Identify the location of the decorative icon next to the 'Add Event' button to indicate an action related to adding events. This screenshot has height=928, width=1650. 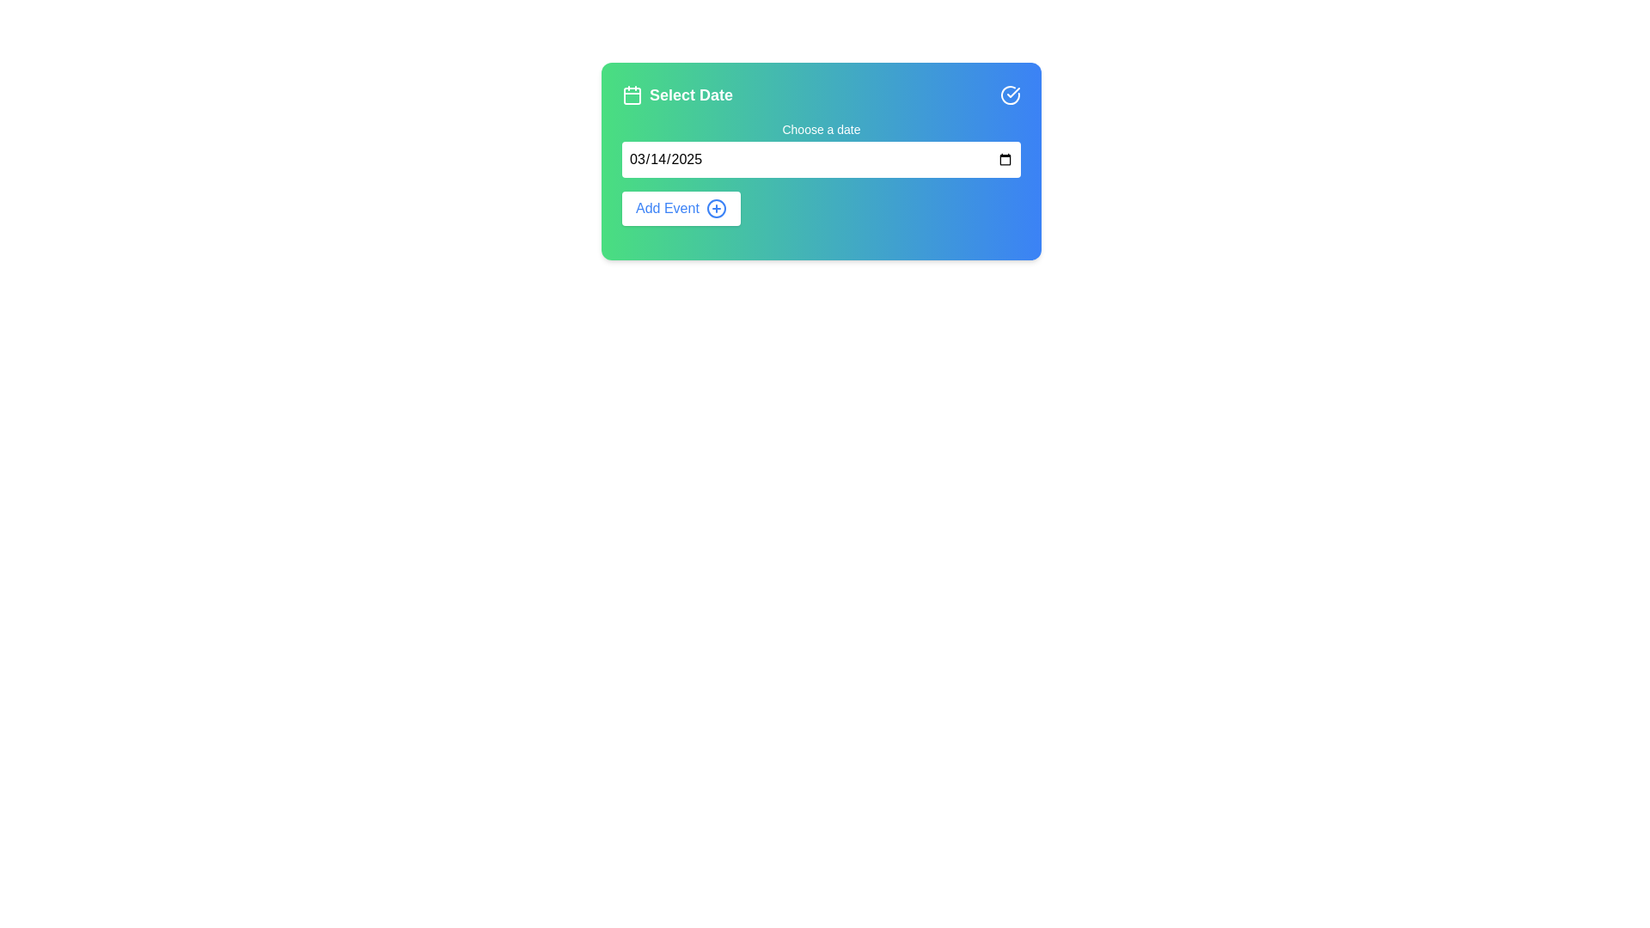
(716, 208).